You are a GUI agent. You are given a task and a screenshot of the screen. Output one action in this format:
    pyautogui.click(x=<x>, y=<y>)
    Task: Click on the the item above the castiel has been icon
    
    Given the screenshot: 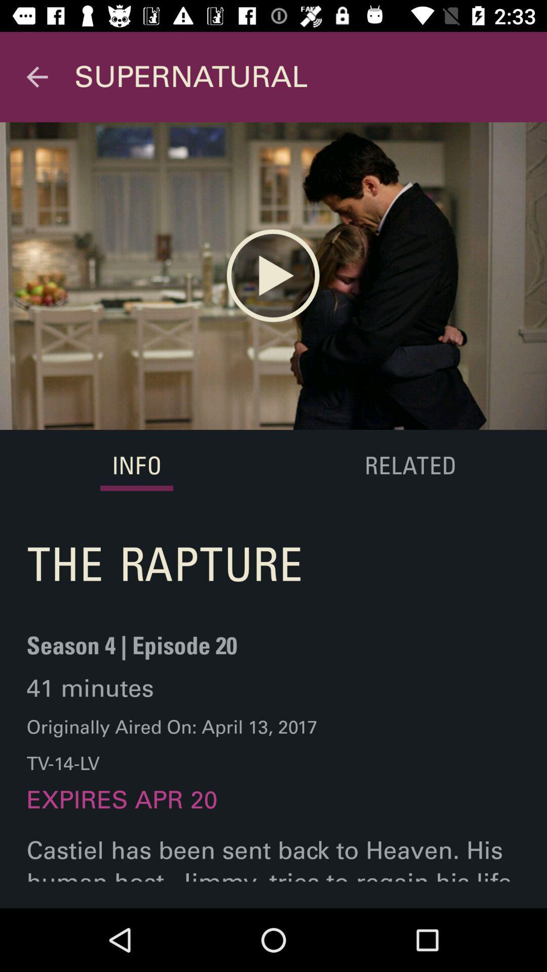 What is the action you would take?
    pyautogui.click(x=409, y=466)
    